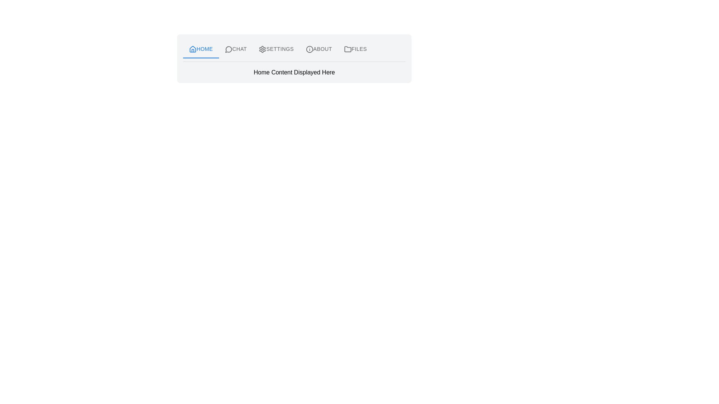  Describe the element at coordinates (263, 49) in the screenshot. I see `the 'Settings' icon in the navigation bar` at that location.